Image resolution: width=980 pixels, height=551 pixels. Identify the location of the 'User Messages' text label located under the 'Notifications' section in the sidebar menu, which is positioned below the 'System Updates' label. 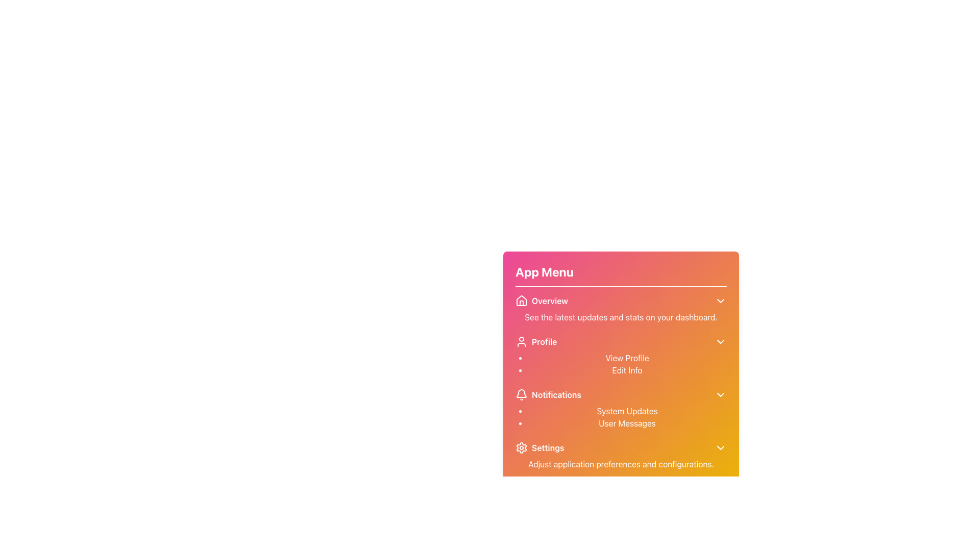
(626, 423).